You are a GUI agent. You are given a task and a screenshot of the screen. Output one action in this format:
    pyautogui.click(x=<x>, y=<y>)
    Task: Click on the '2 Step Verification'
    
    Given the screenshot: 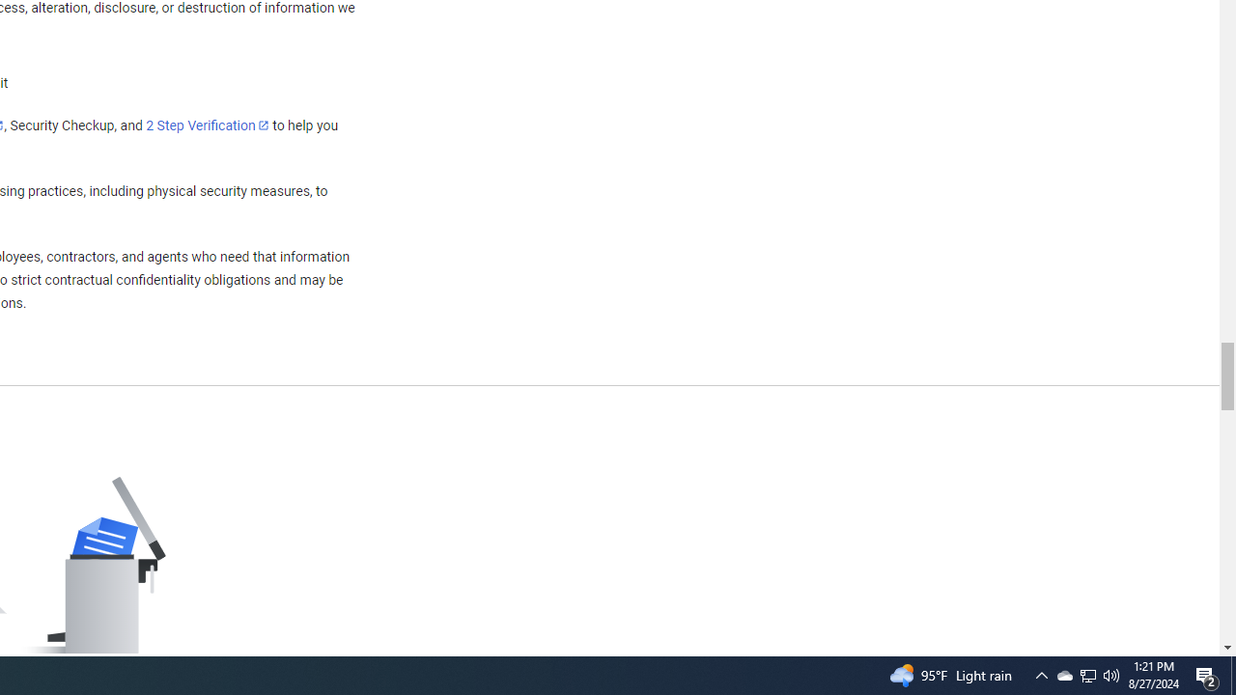 What is the action you would take?
    pyautogui.click(x=208, y=125)
    